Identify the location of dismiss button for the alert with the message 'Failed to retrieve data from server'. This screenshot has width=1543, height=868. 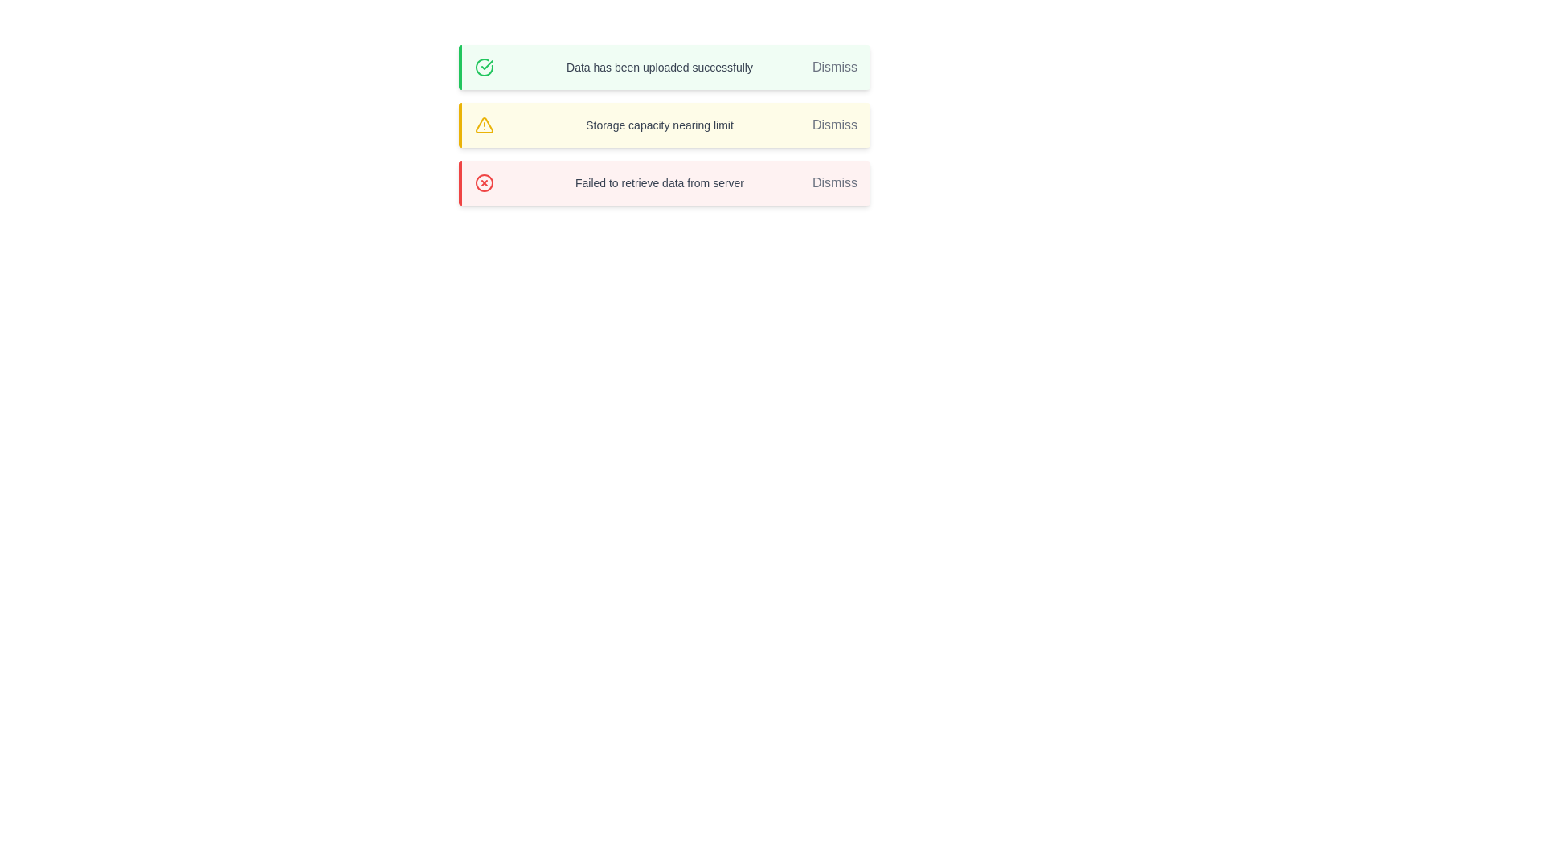
(834, 182).